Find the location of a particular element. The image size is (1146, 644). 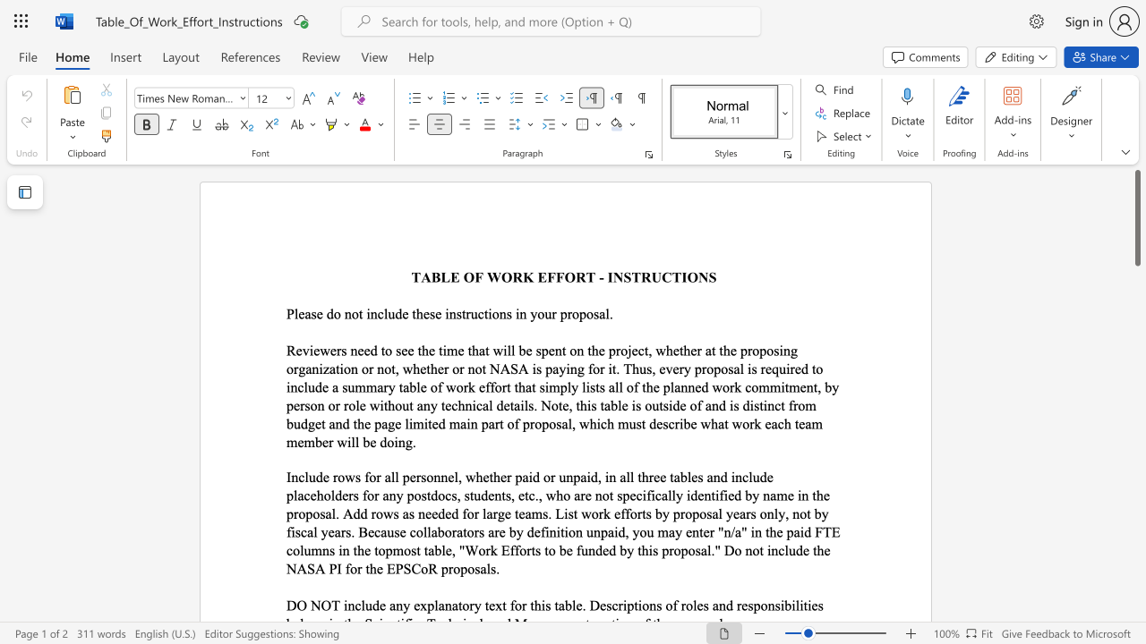

the scrollbar on the side is located at coordinates (1136, 365).